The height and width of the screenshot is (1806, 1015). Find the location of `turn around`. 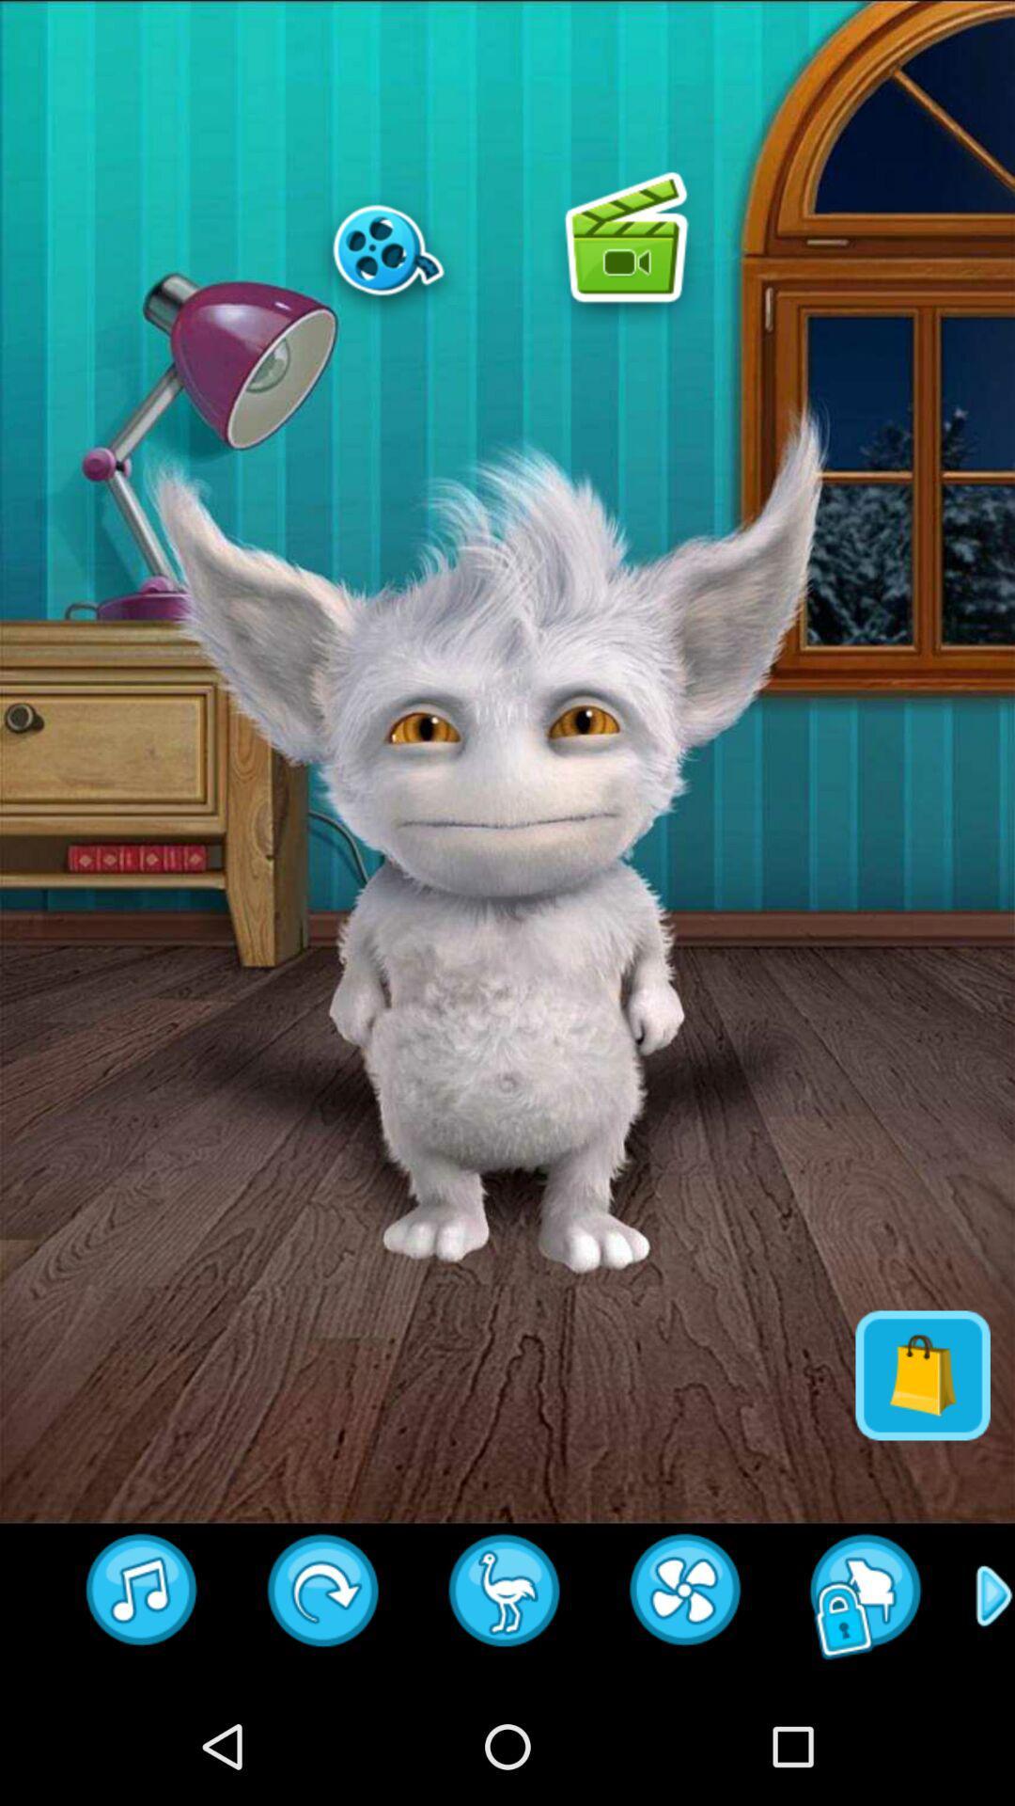

turn around is located at coordinates (322, 1595).